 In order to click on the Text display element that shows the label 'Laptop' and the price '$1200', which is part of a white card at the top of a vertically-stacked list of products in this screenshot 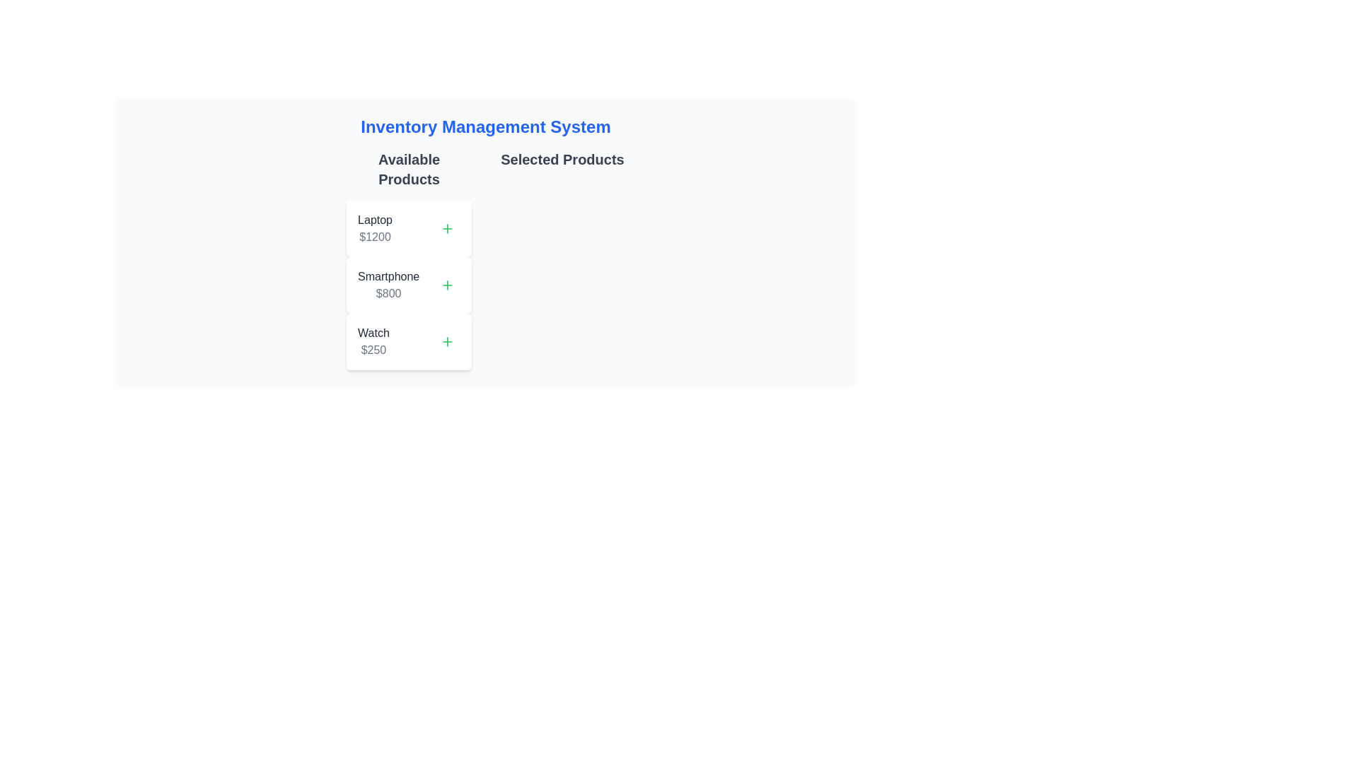, I will do `click(375, 228)`.